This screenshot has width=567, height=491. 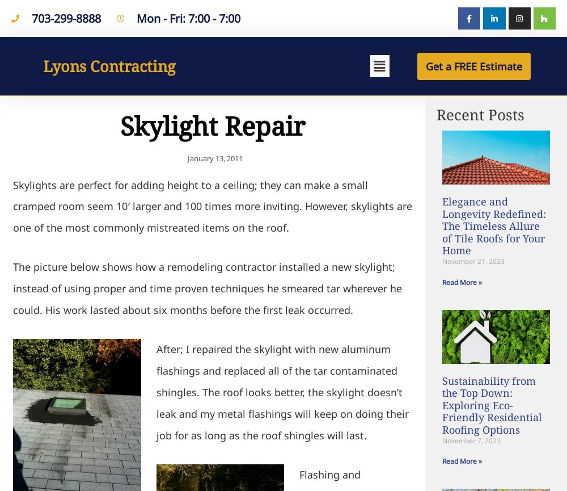 I want to click on 'Skylight Repair', so click(x=120, y=124).